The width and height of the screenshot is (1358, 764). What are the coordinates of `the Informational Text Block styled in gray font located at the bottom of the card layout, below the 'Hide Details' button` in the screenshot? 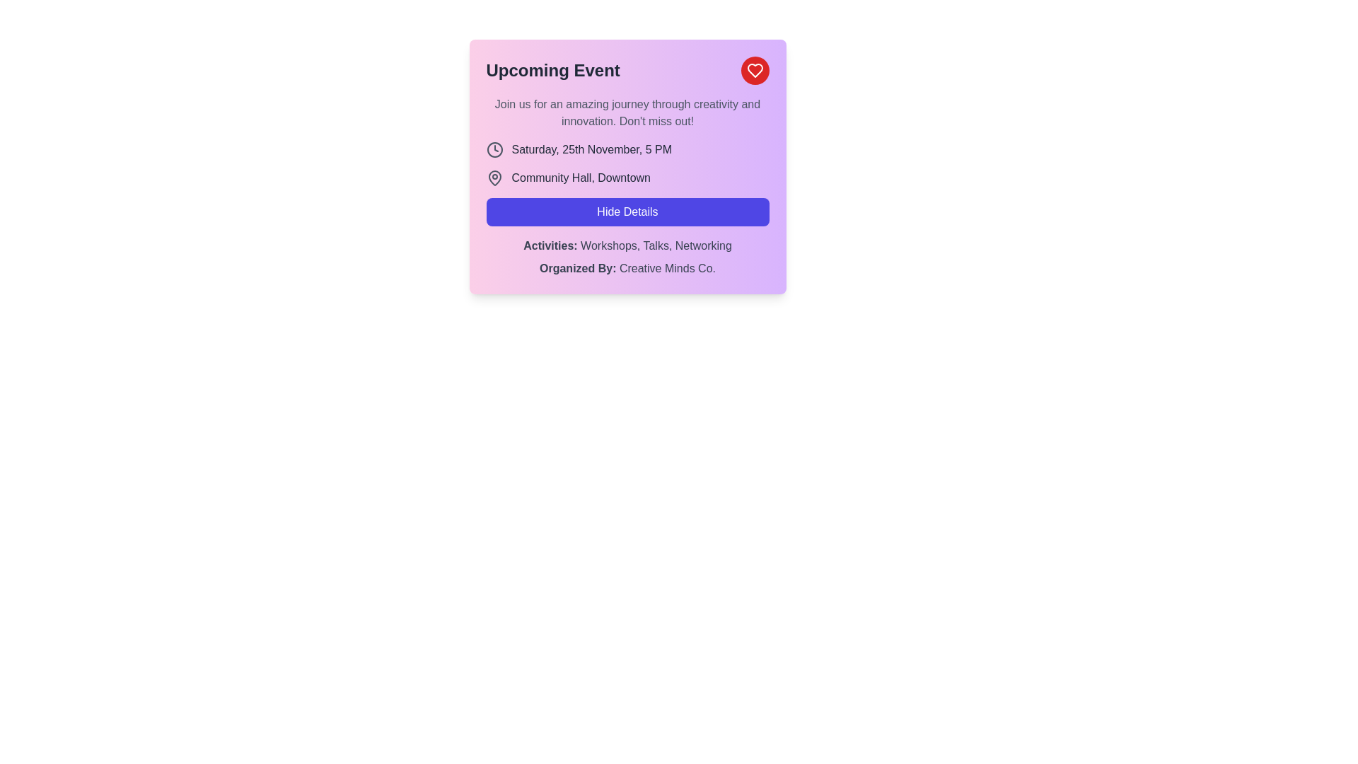 It's located at (627, 257).